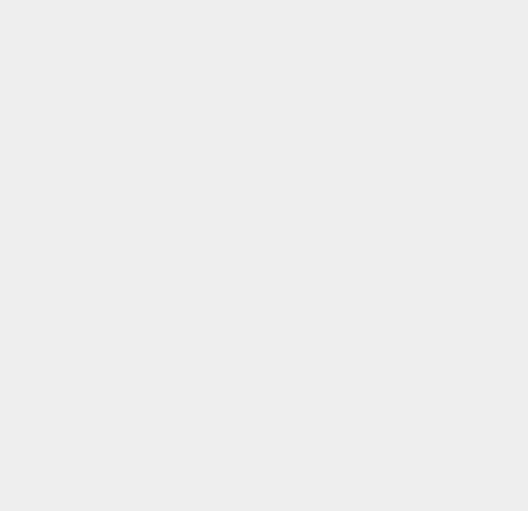  Describe the element at coordinates (373, 307) in the screenshot. I see `'OS X 10.11.2'` at that location.